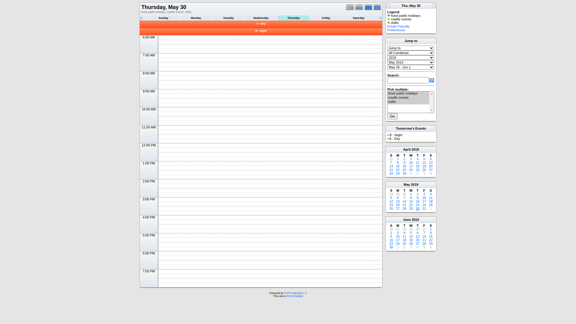 The height and width of the screenshot is (324, 576). Describe the element at coordinates (295, 292) in the screenshot. I see `'PHP iCalendar 2.4'` at that location.